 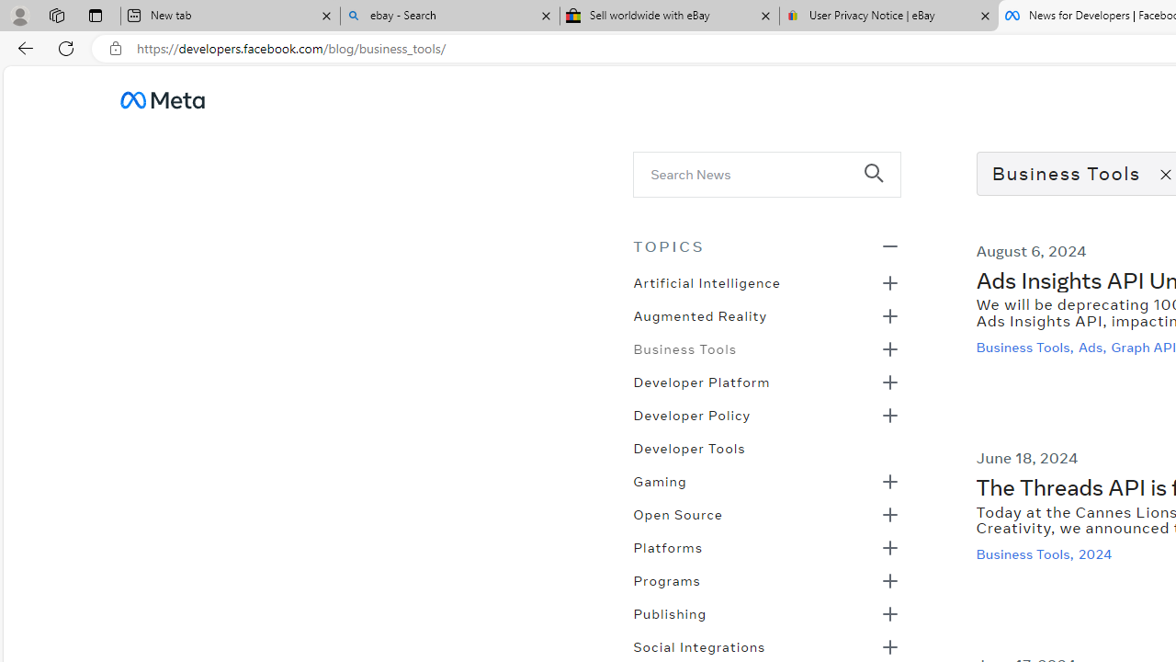 What do you see at coordinates (162, 99) in the screenshot?
I see `'AutomationID: u_0_4z_2S'` at bounding box center [162, 99].